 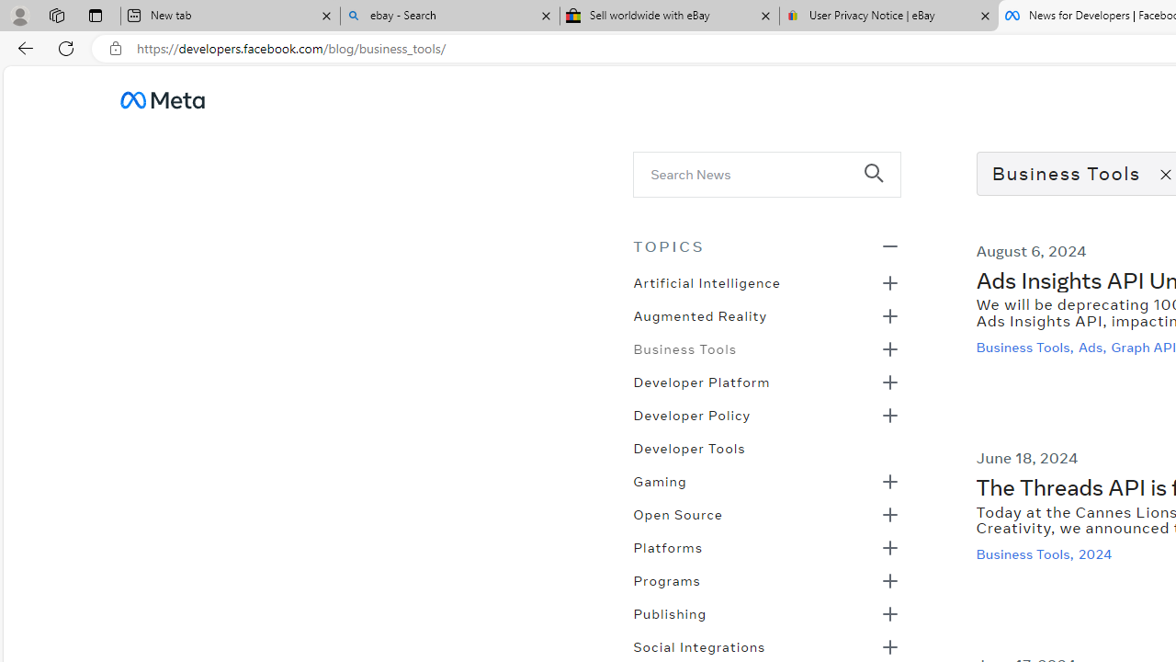 What do you see at coordinates (162, 99) in the screenshot?
I see `'AutomationID: u_0_4z_2S'` at bounding box center [162, 99].